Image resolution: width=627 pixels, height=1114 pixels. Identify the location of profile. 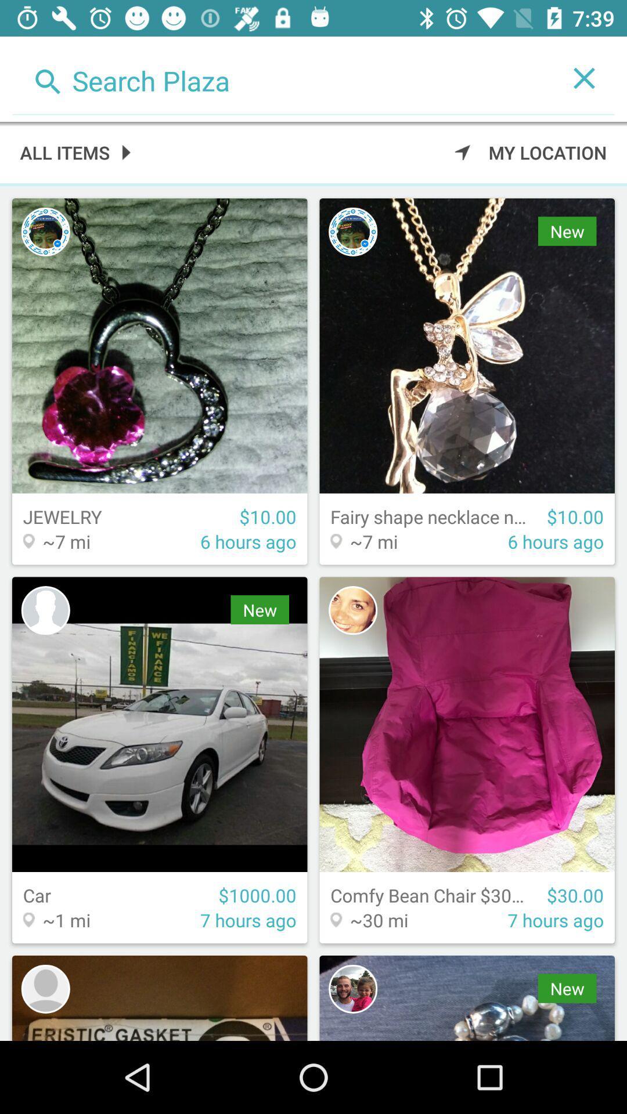
(45, 232).